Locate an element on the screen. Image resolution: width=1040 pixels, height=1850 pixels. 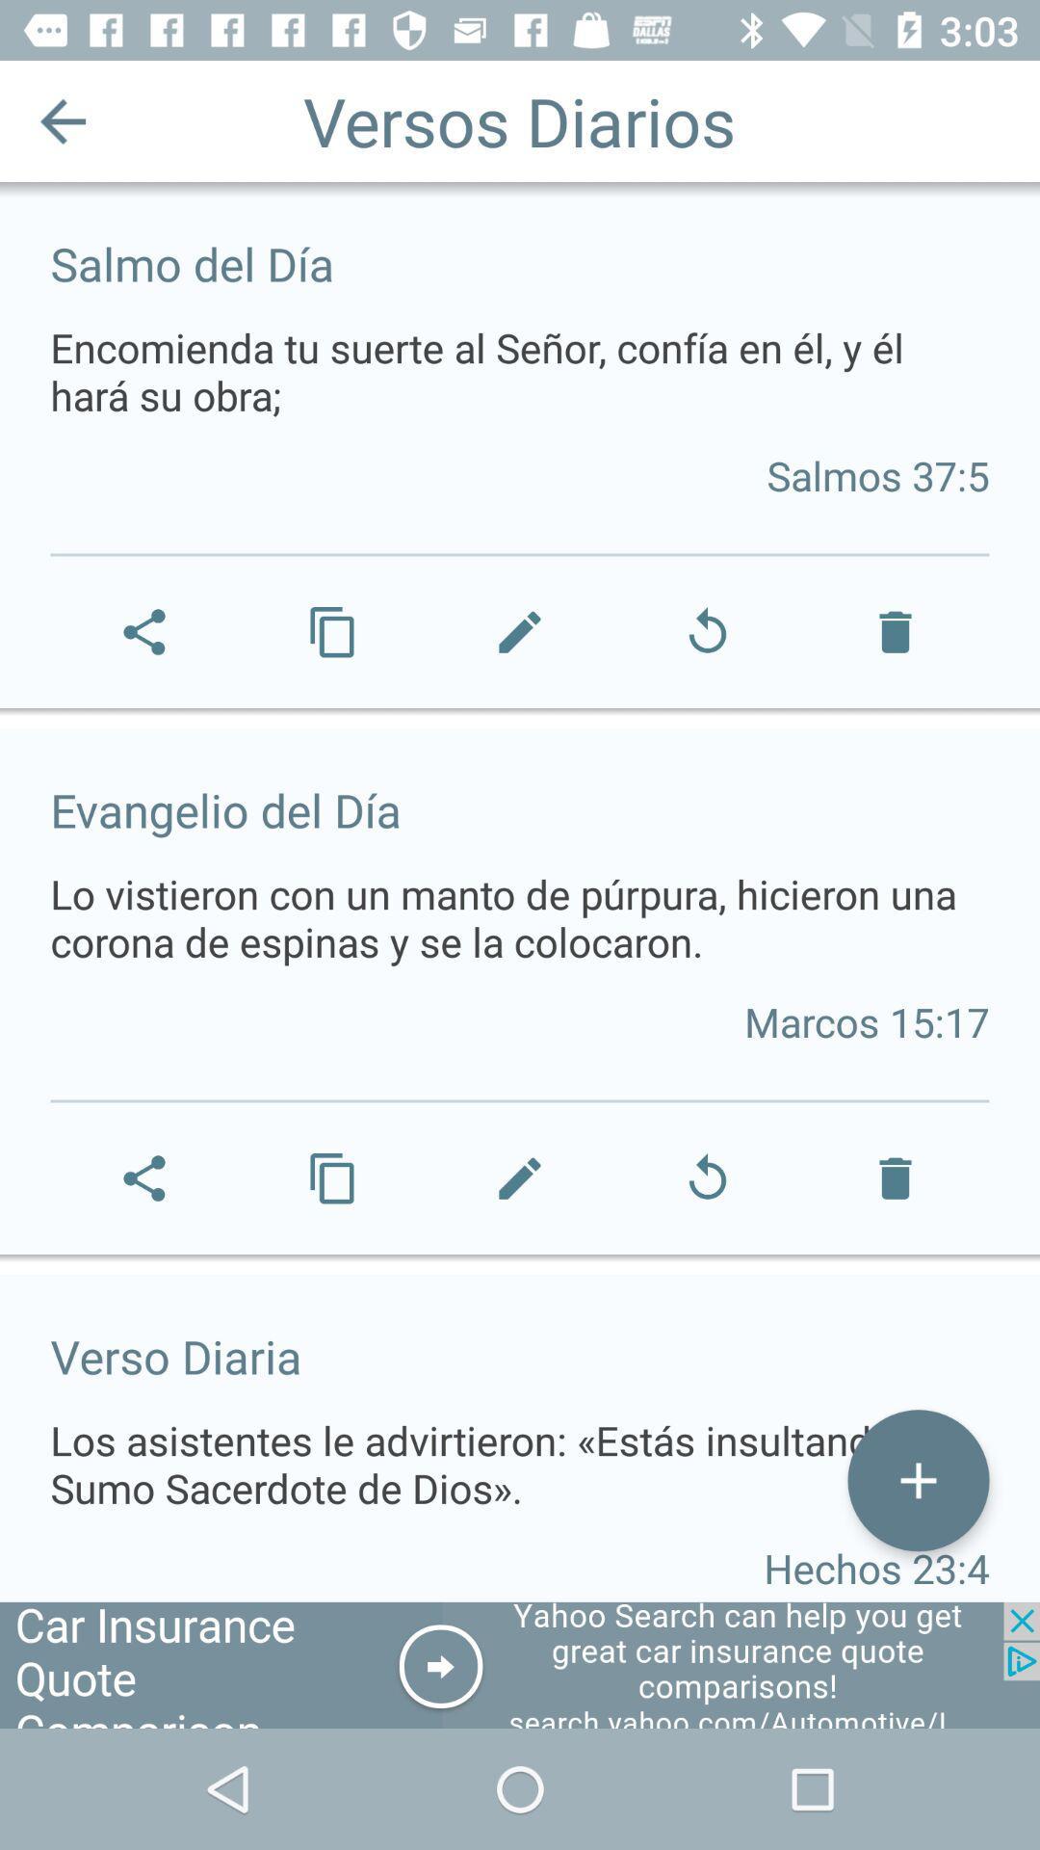
item is located at coordinates (917, 1479).